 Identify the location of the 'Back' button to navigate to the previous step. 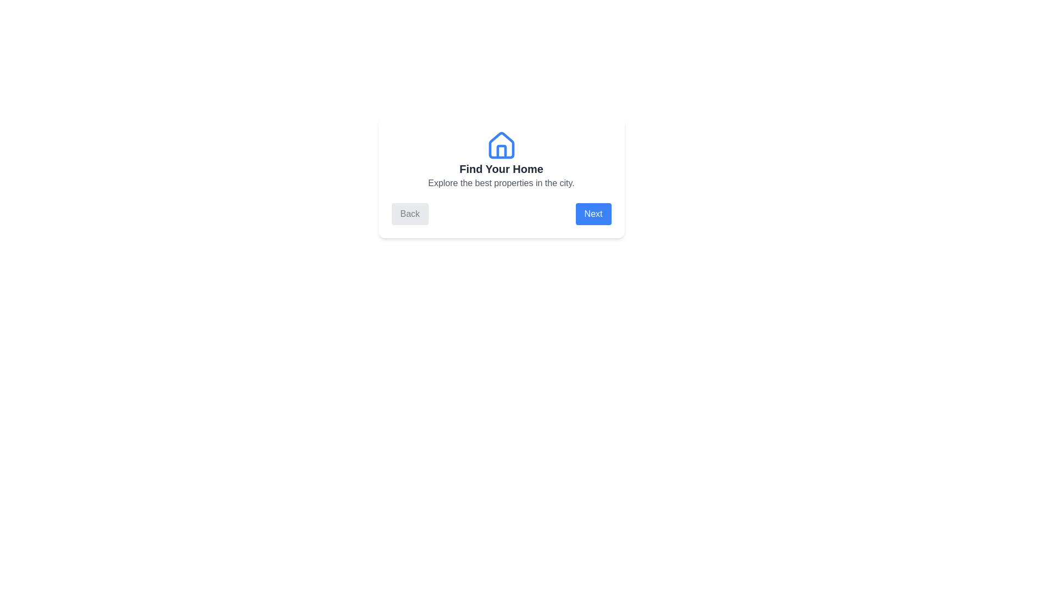
(409, 214).